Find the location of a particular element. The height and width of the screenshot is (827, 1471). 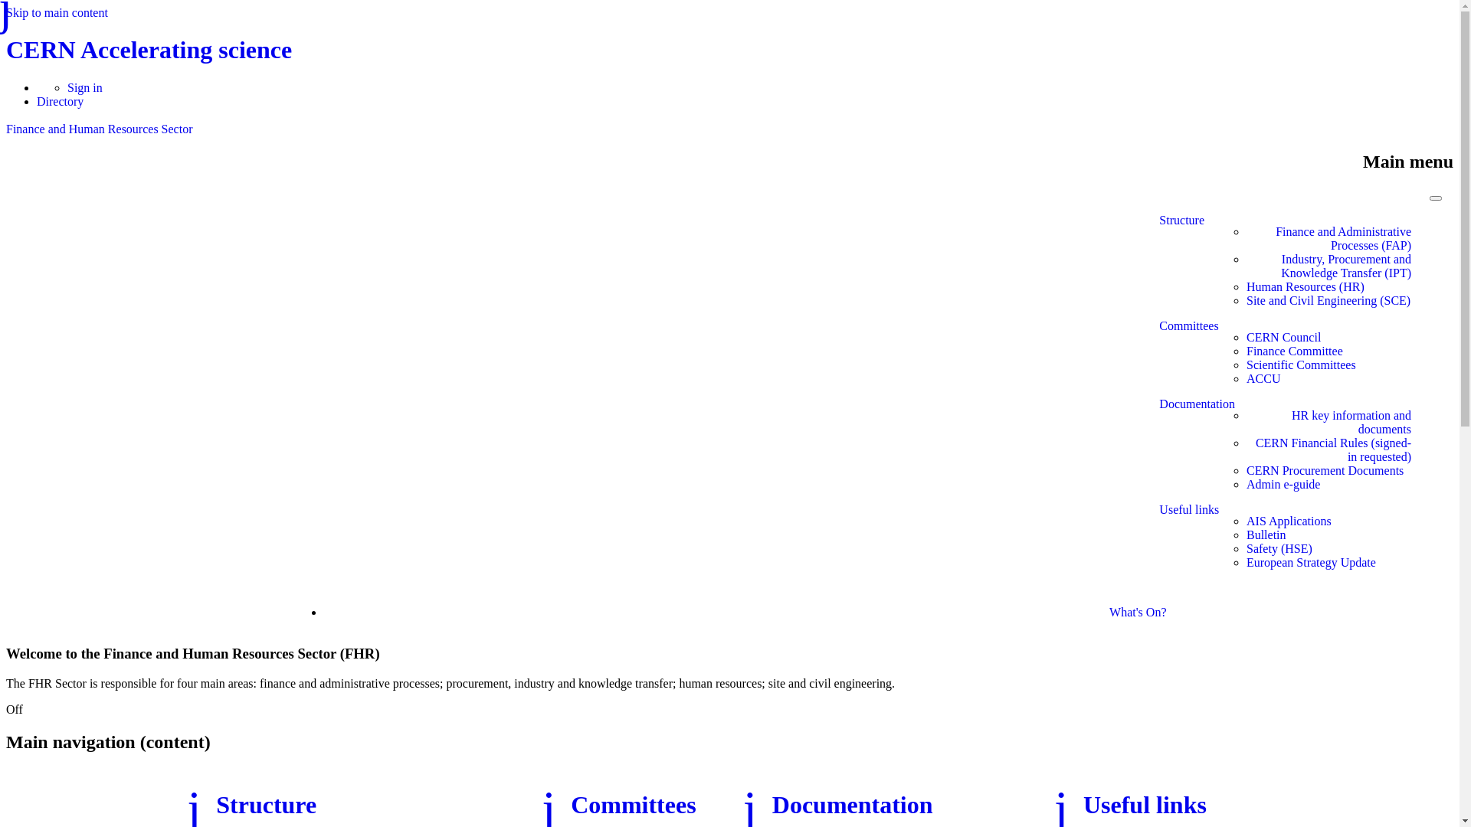

'CERN Accelerating science' is located at coordinates (149, 49).